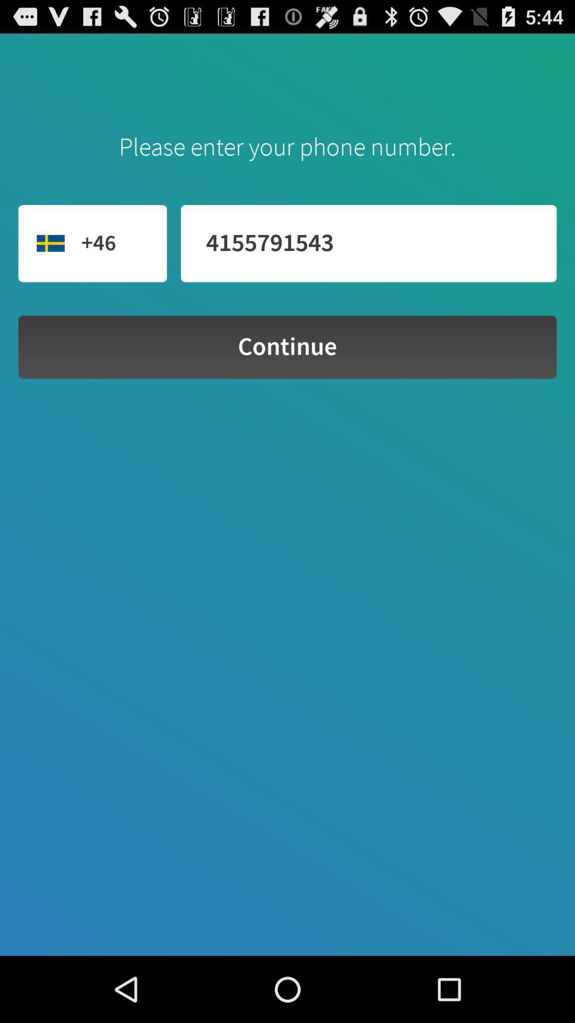  I want to click on the icon to the right of +46 item, so click(368, 243).